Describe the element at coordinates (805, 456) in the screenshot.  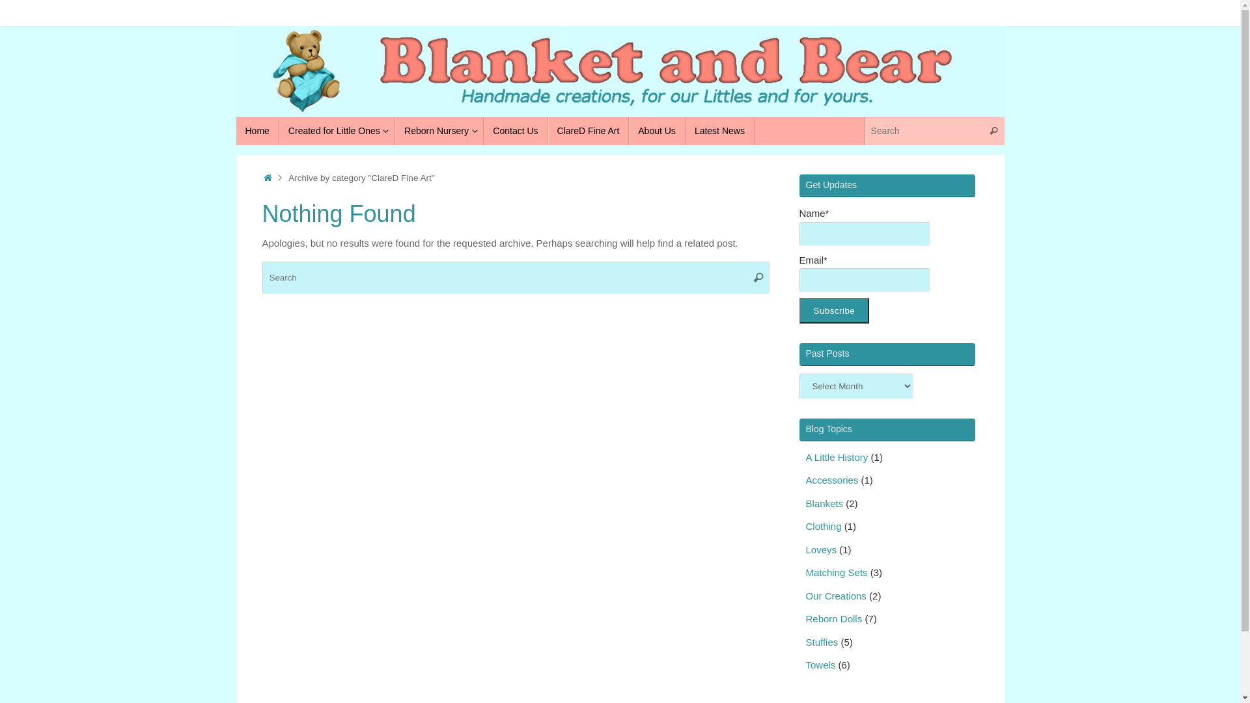
I see `'A Little History'` at that location.